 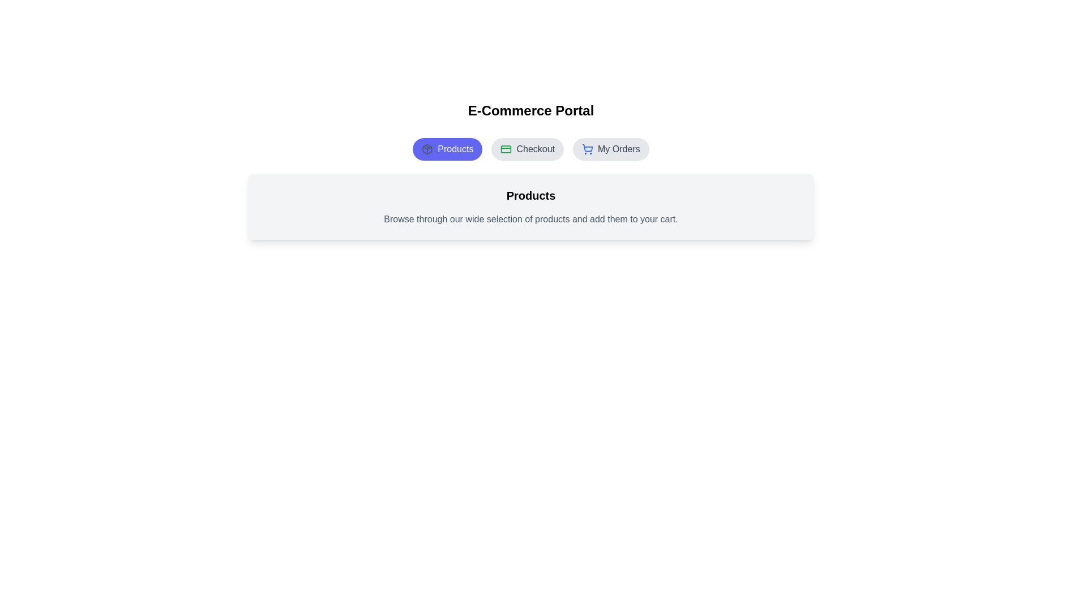 I want to click on the My Orders tab to view its content, so click(x=610, y=148).